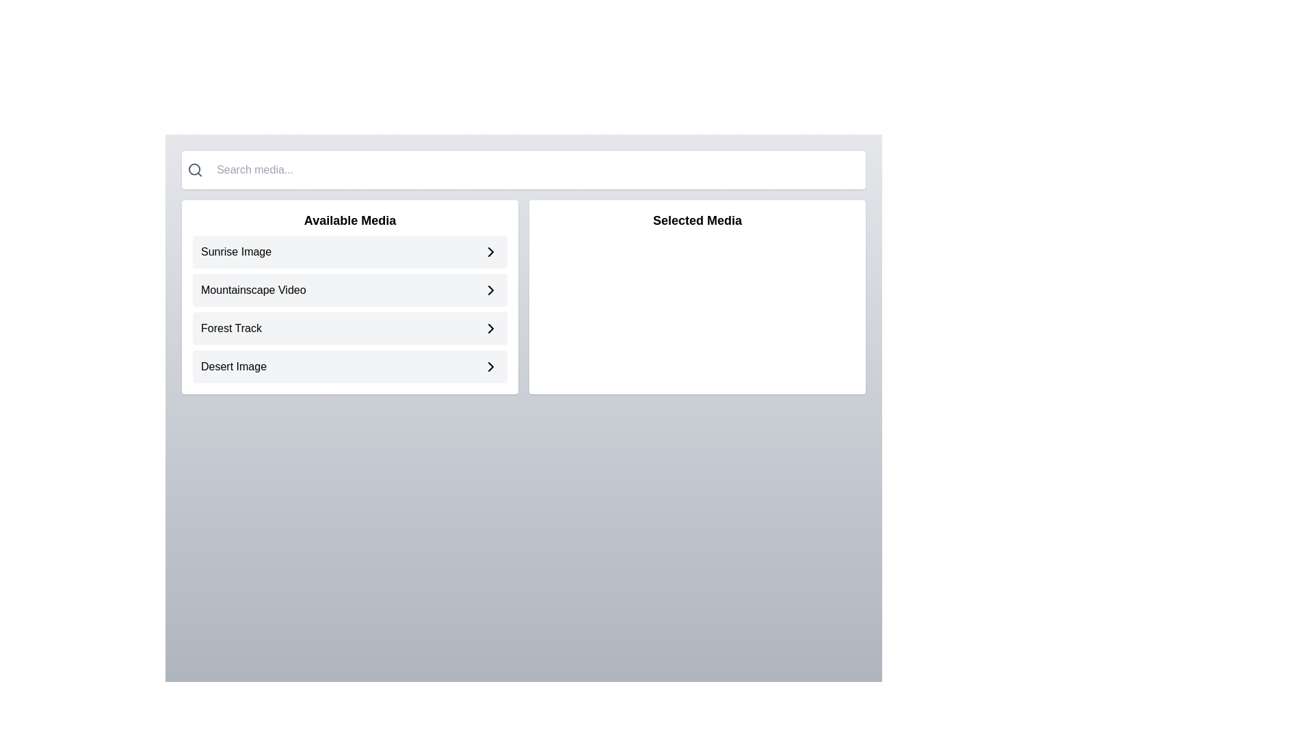 The height and width of the screenshot is (738, 1313). Describe the element at coordinates (491, 289) in the screenshot. I see `the right arrow chevron icon located in the 'Available Media' column beside the 'Mountainscape Video' row` at that location.